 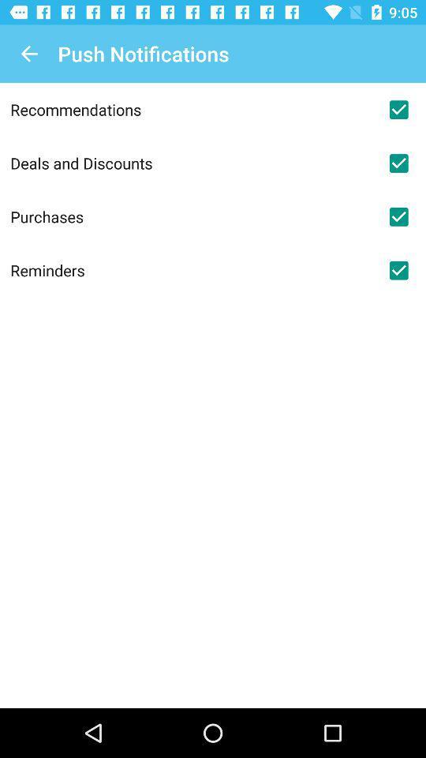 I want to click on icon above the recommendations item, so click(x=28, y=54).